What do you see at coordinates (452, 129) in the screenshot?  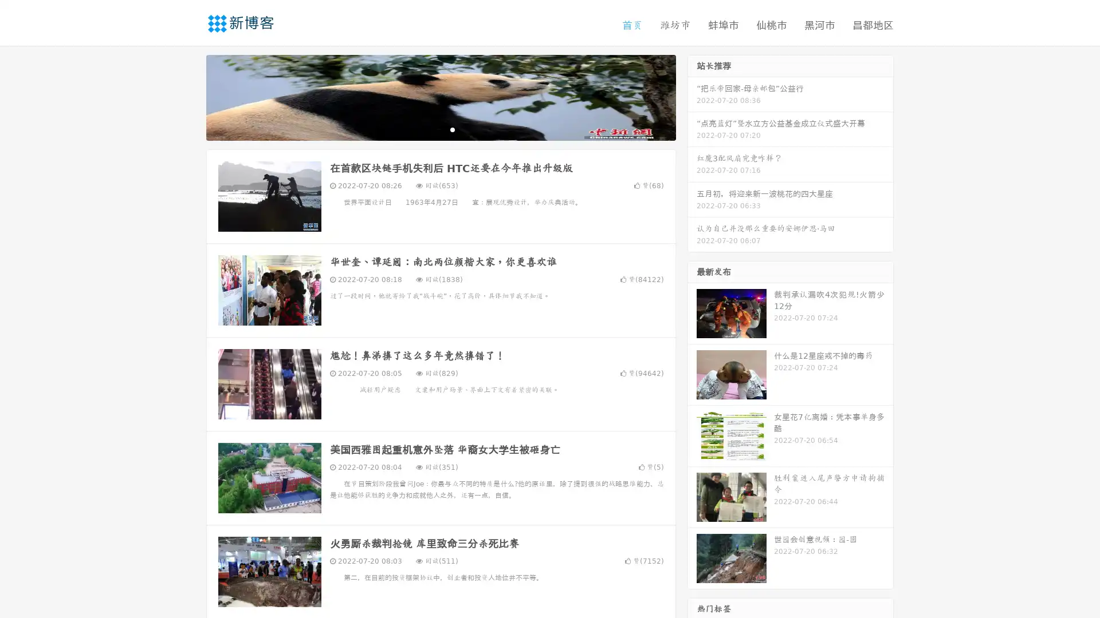 I see `Go to slide 3` at bounding box center [452, 129].